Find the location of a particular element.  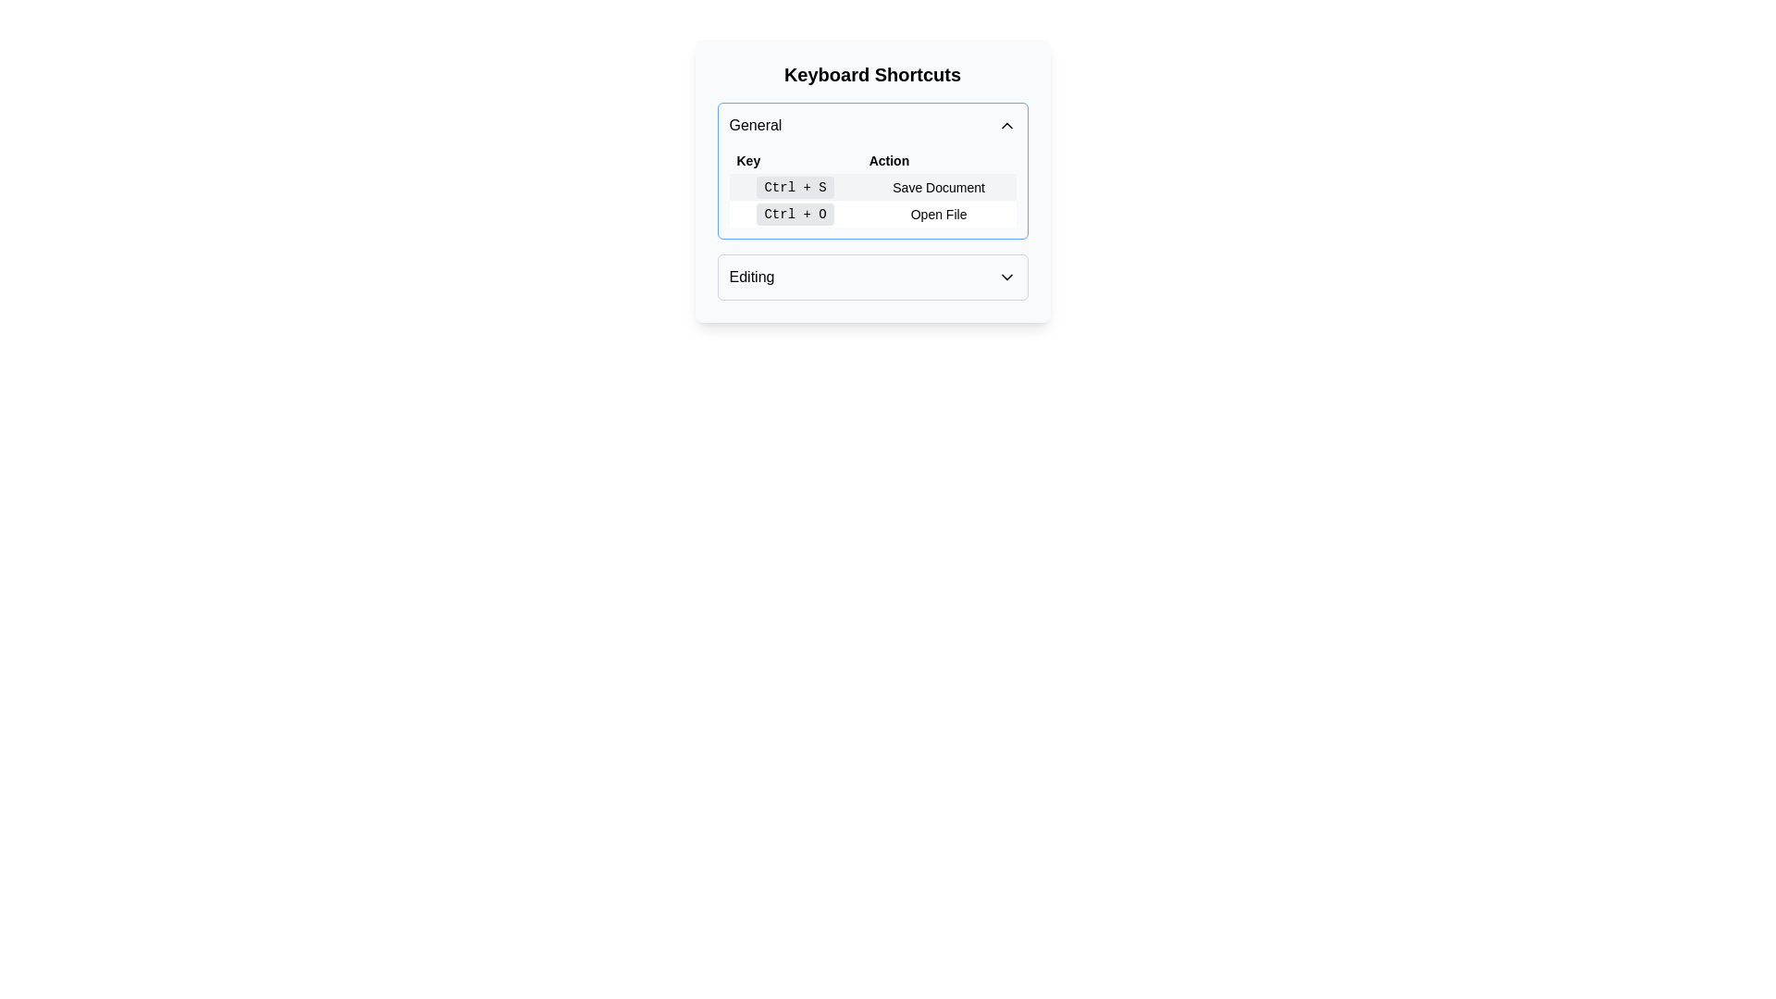

the Text Label representing the keyboard shortcut binding for the 'Open File' action, which is the second item in the 'Key' column under the 'General' group in the 'Keyboard Shortcuts' section is located at coordinates (795, 213).